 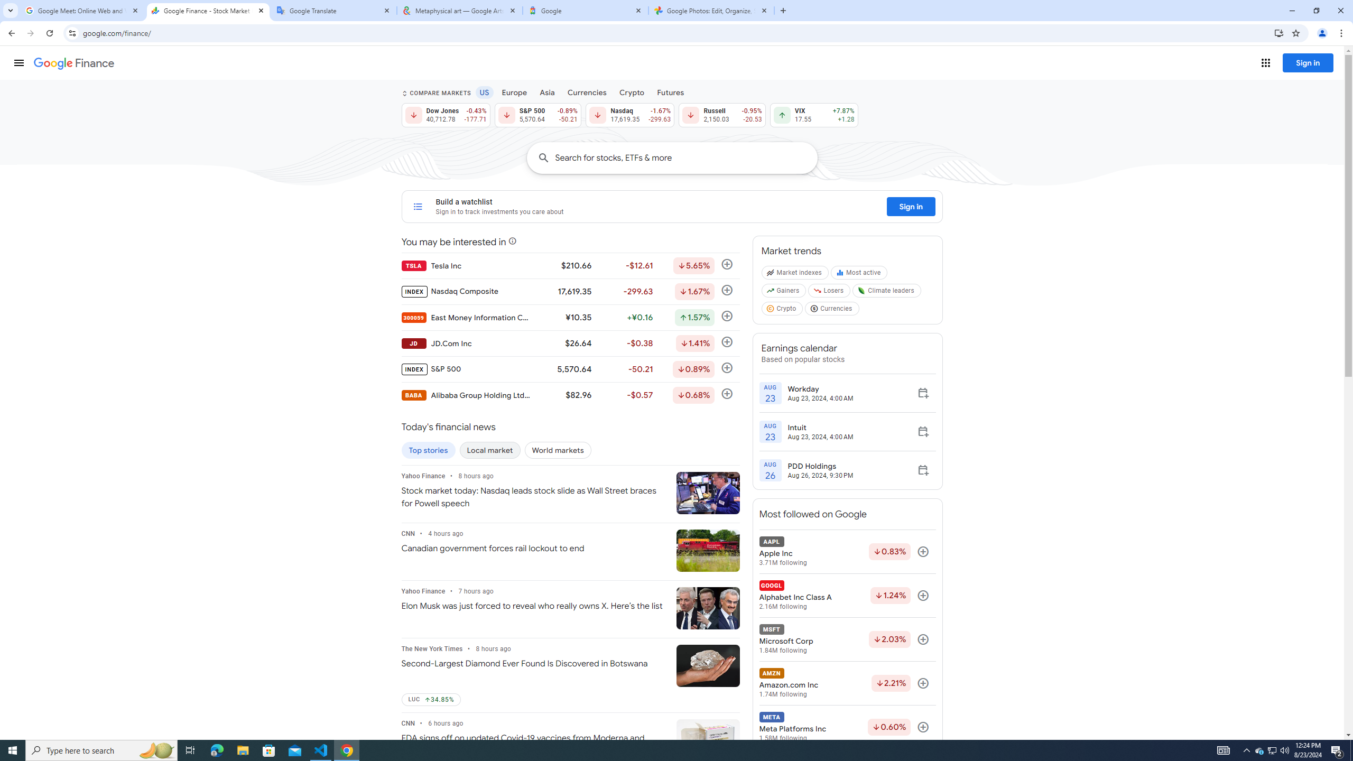 I want to click on 'Crypto', so click(x=782, y=310).